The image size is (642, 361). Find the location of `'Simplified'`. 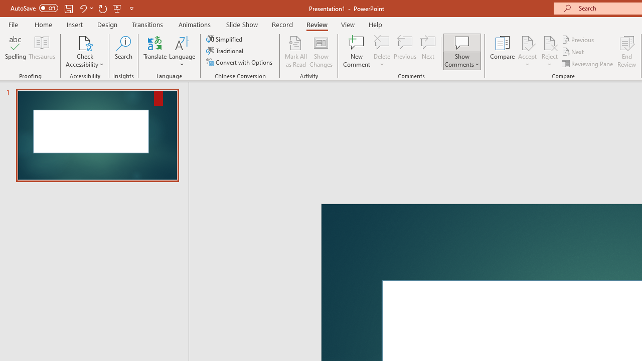

'Simplified' is located at coordinates (225, 39).